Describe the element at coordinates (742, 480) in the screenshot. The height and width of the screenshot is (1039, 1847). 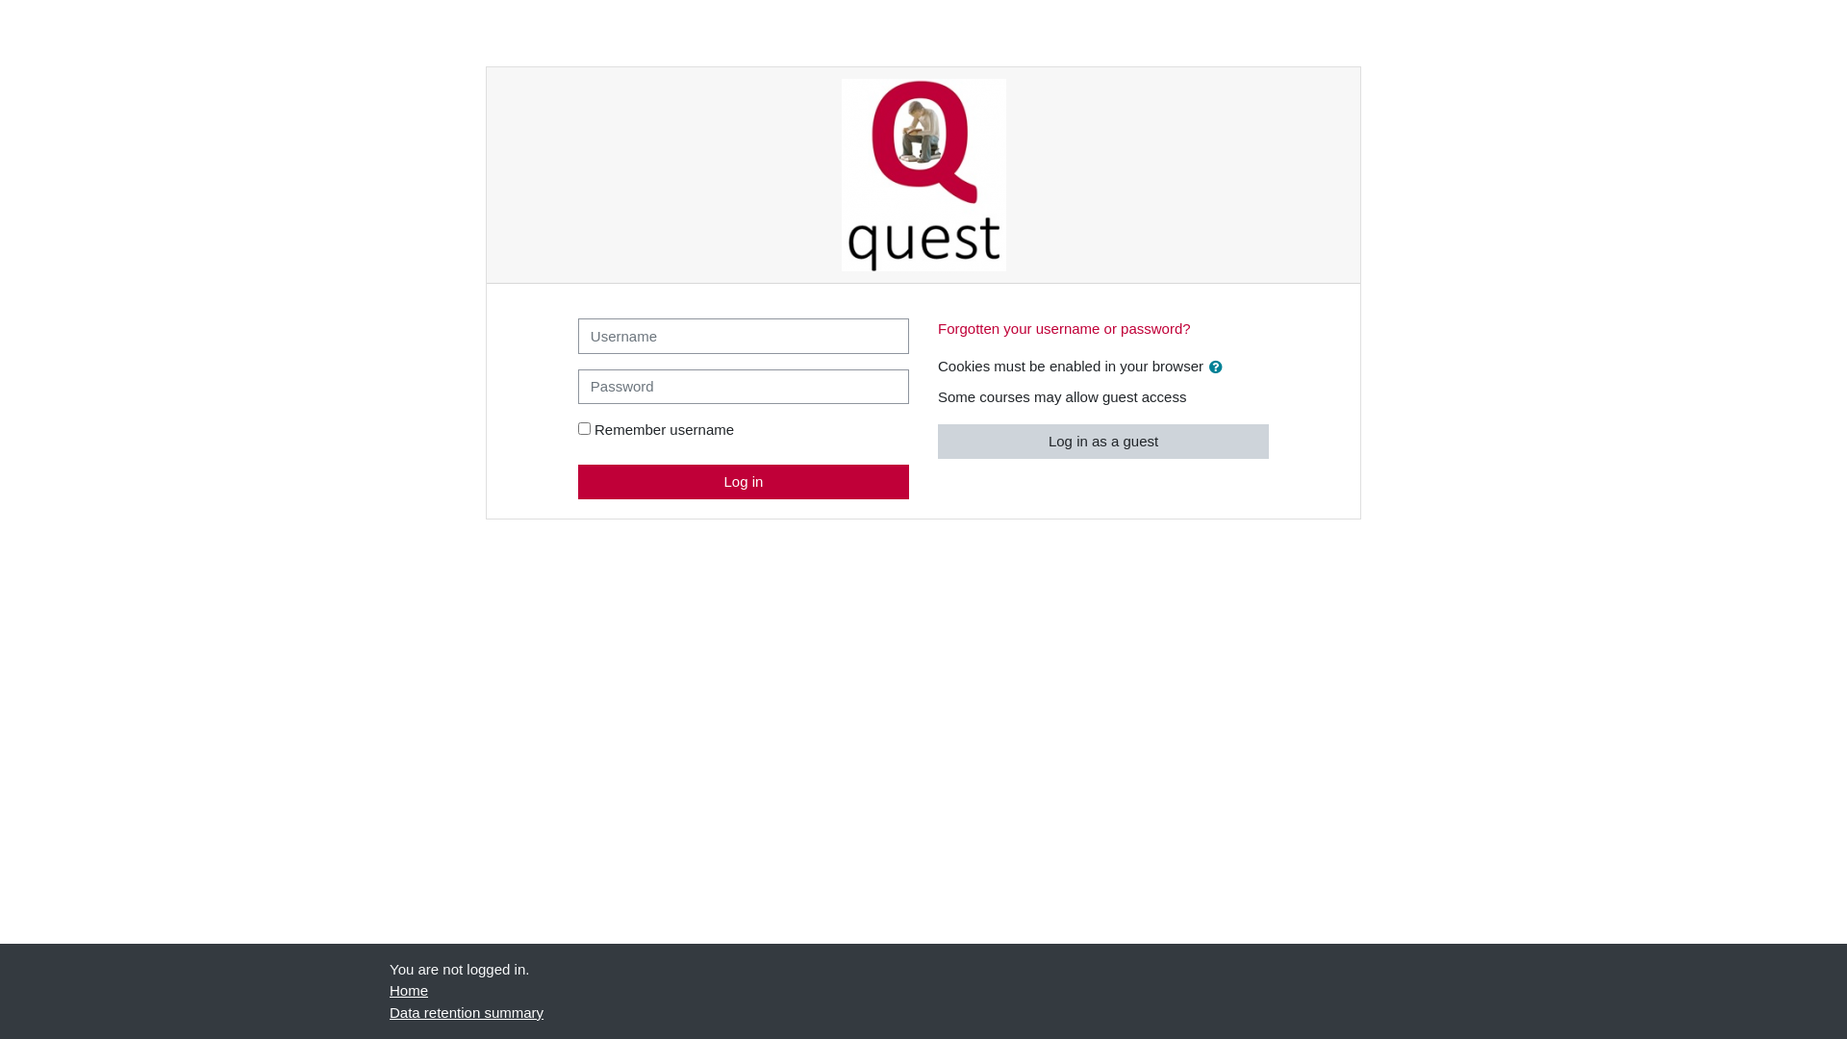
I see `'Log in'` at that location.